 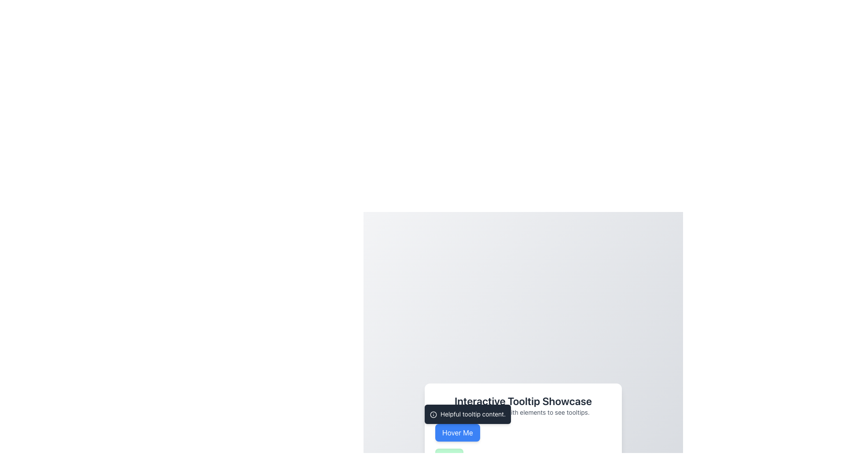 What do you see at coordinates (523, 405) in the screenshot?
I see `text content of the Text display which shows 'Interactive Tooltip Showcase' and 'Hover or interact with elements to see tooltips.'` at bounding box center [523, 405].